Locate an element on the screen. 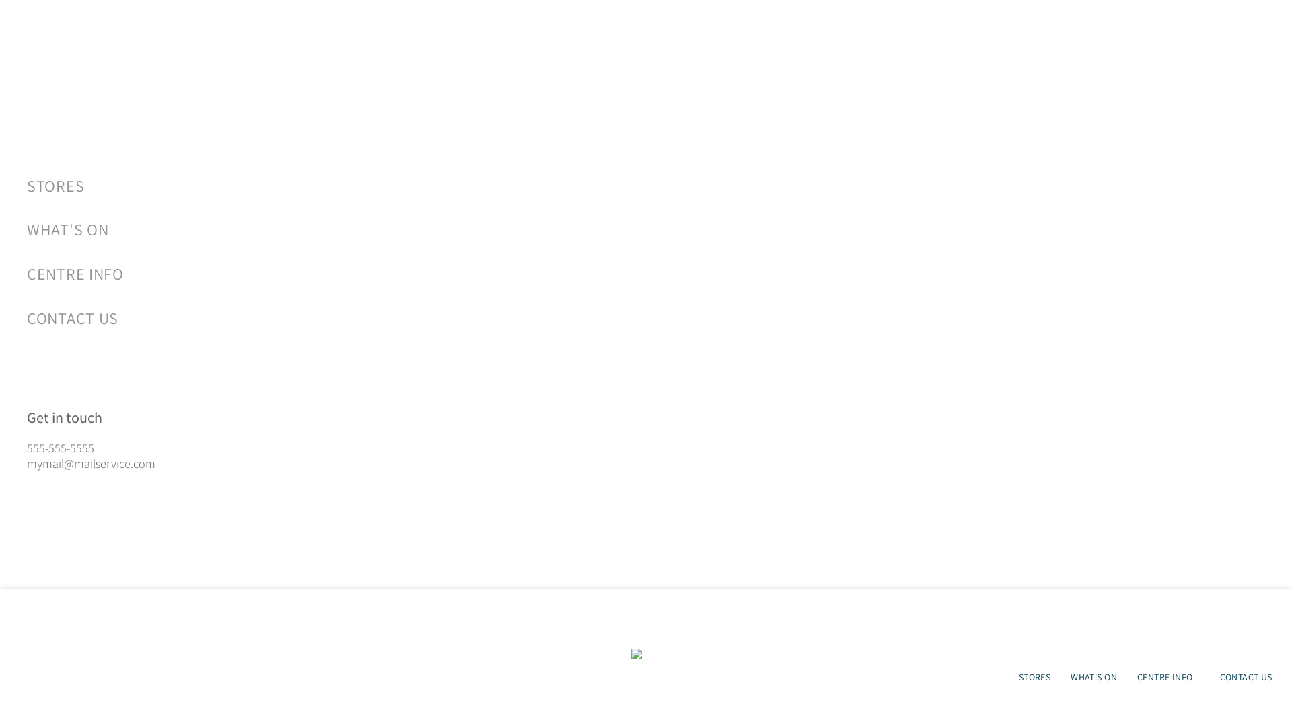 Image resolution: width=1292 pixels, height=726 pixels. 'STORES' is located at coordinates (1034, 676).